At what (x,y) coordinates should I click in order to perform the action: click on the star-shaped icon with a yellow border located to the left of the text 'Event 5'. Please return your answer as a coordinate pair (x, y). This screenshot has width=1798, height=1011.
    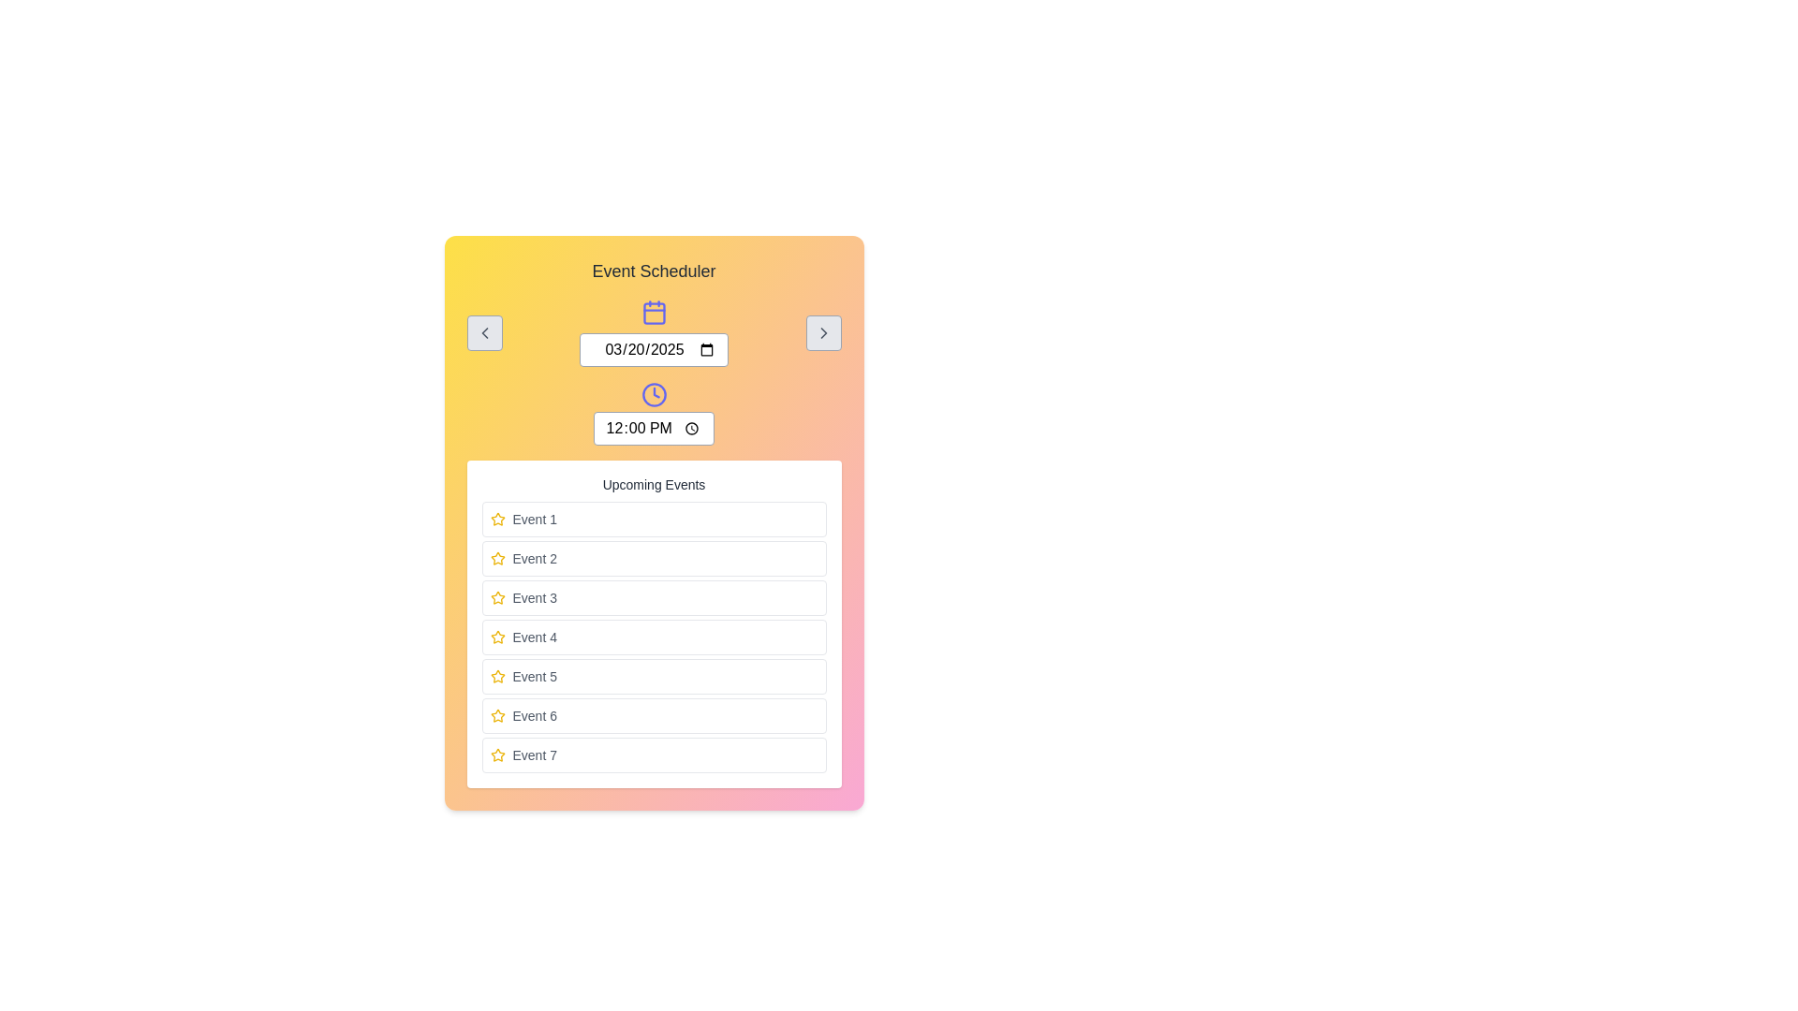
    Looking at the image, I should click on (497, 676).